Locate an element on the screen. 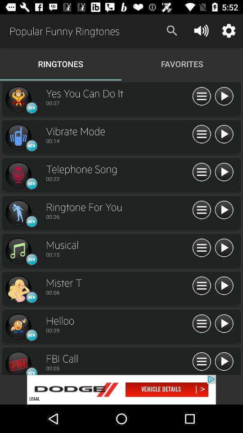 Image resolution: width=243 pixels, height=433 pixels. preview song is located at coordinates (18, 363).